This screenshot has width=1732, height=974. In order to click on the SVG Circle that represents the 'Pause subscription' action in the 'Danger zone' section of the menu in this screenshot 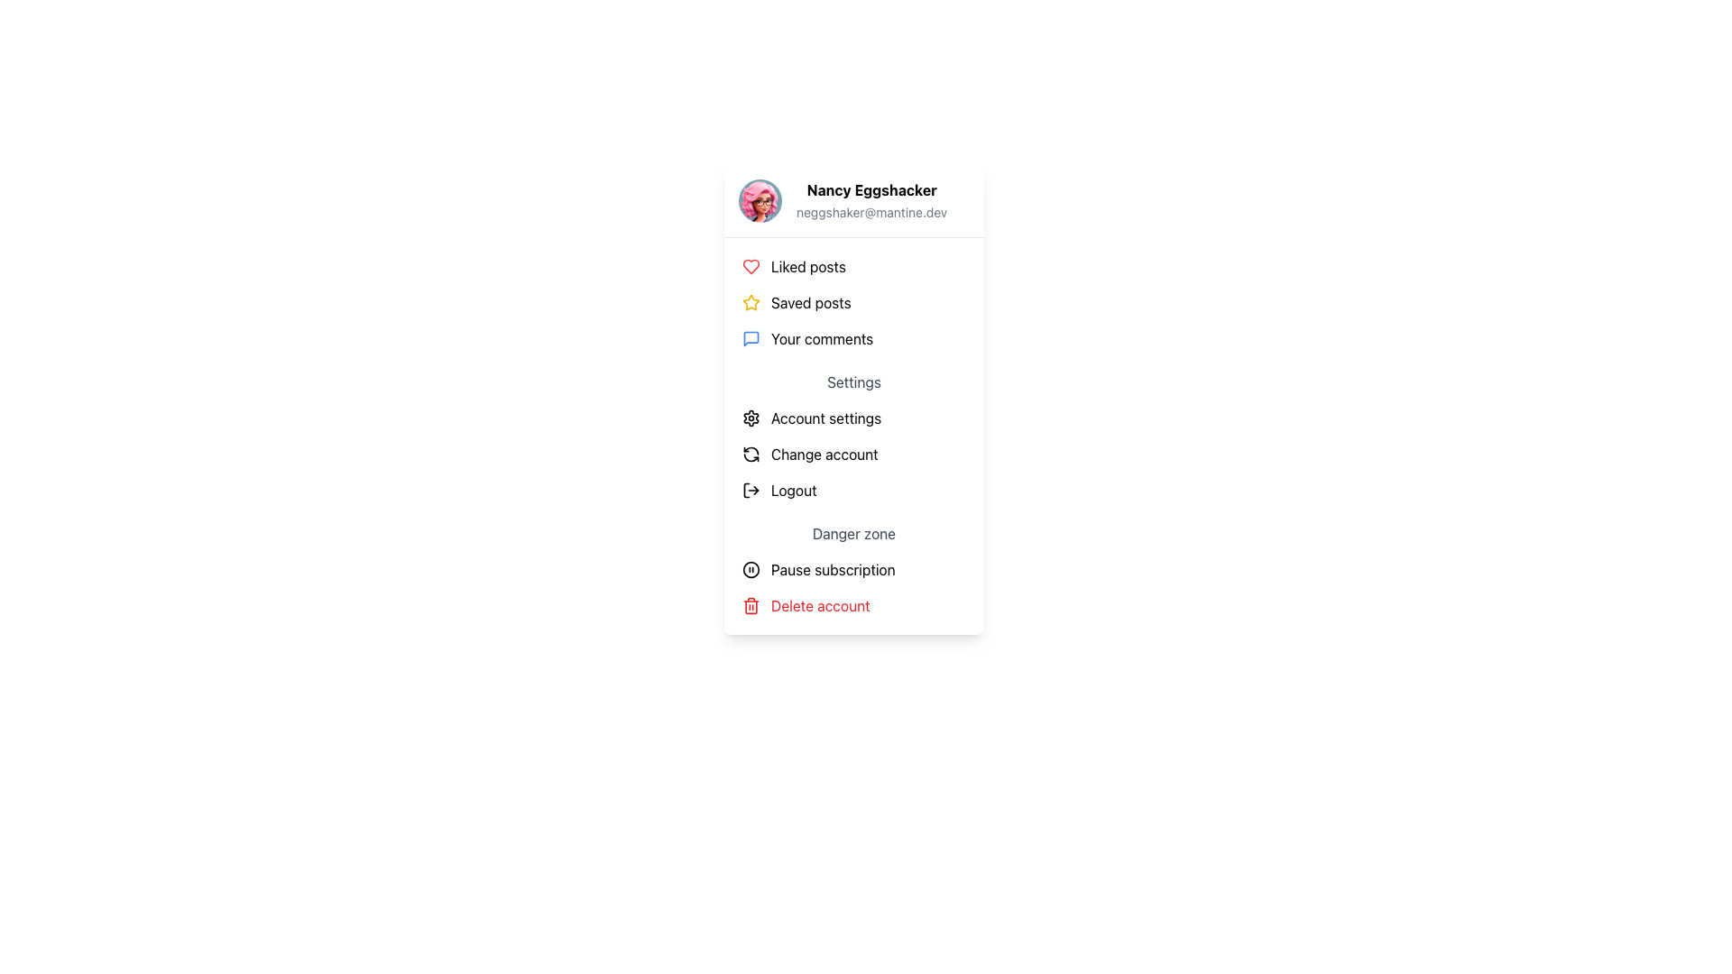, I will do `click(751, 570)`.